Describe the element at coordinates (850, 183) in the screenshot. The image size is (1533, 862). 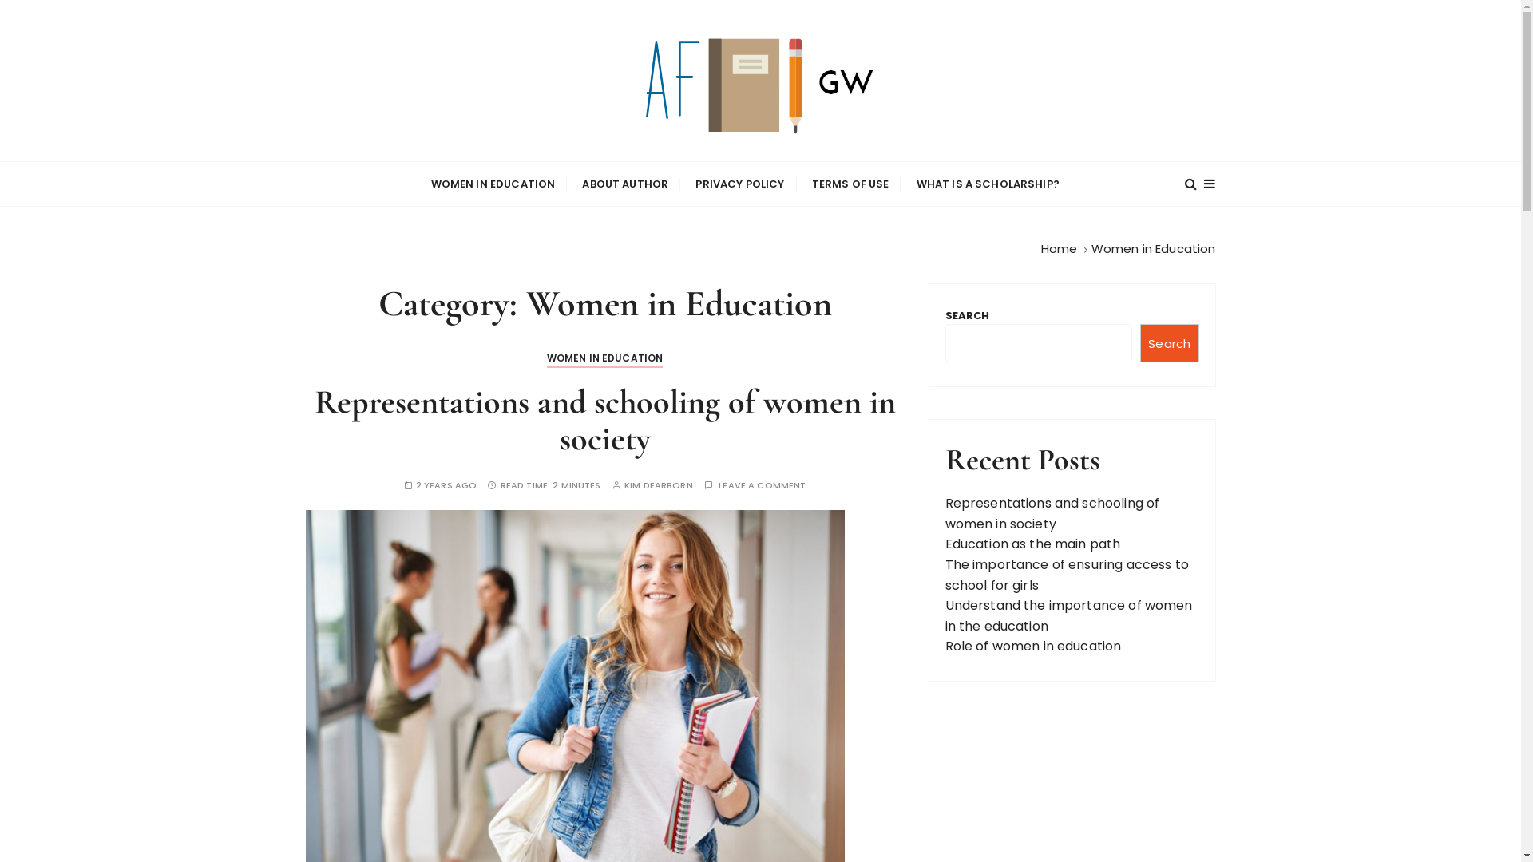
I see `'TERMS OF USE'` at that location.